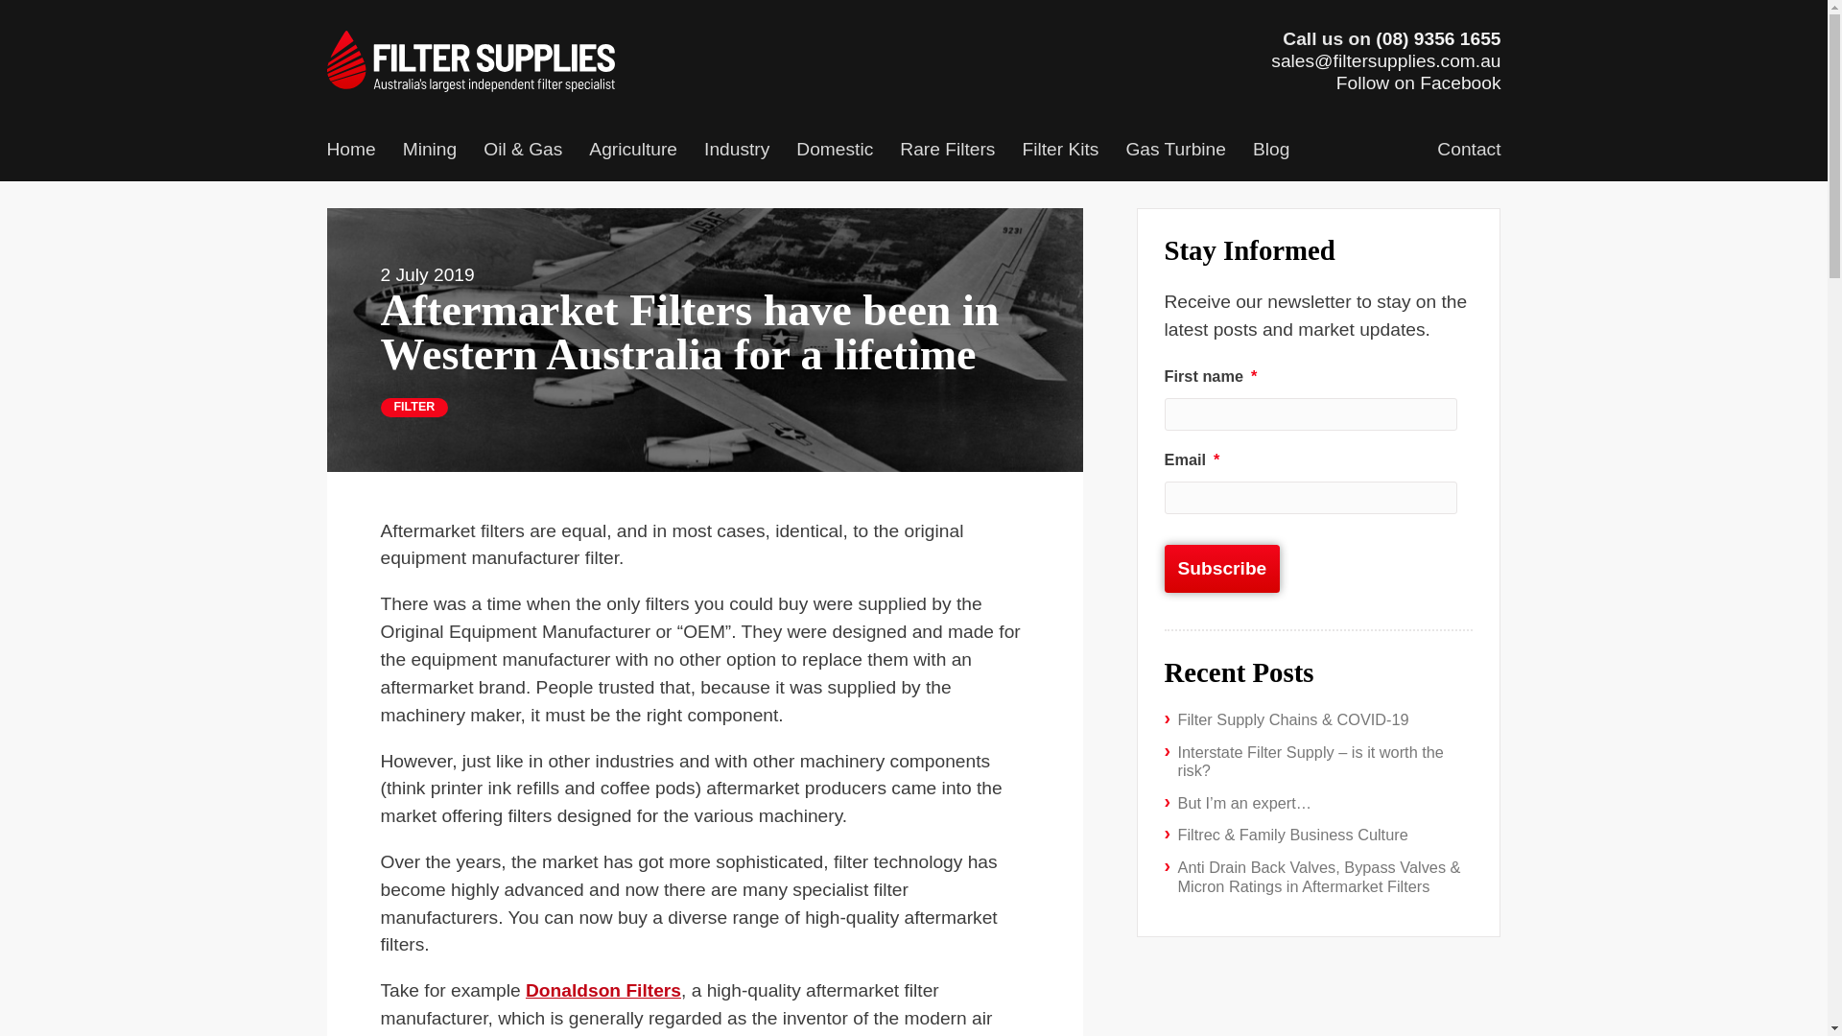 This screenshot has height=1036, width=1842. Describe the element at coordinates (1293, 718) in the screenshot. I see `'Filter Supply Chains & COVID-19'` at that location.